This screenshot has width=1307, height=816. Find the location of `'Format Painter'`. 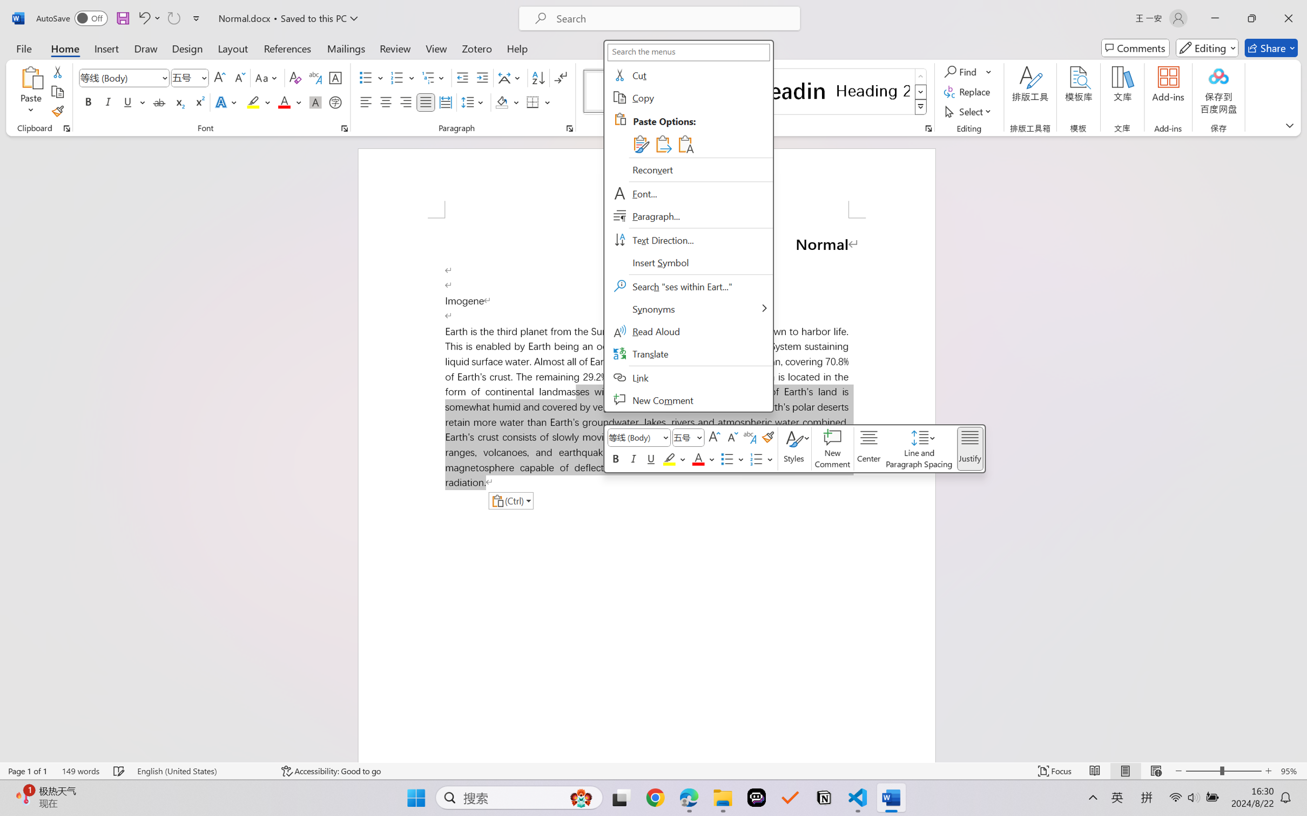

'Format Painter' is located at coordinates (57, 112).